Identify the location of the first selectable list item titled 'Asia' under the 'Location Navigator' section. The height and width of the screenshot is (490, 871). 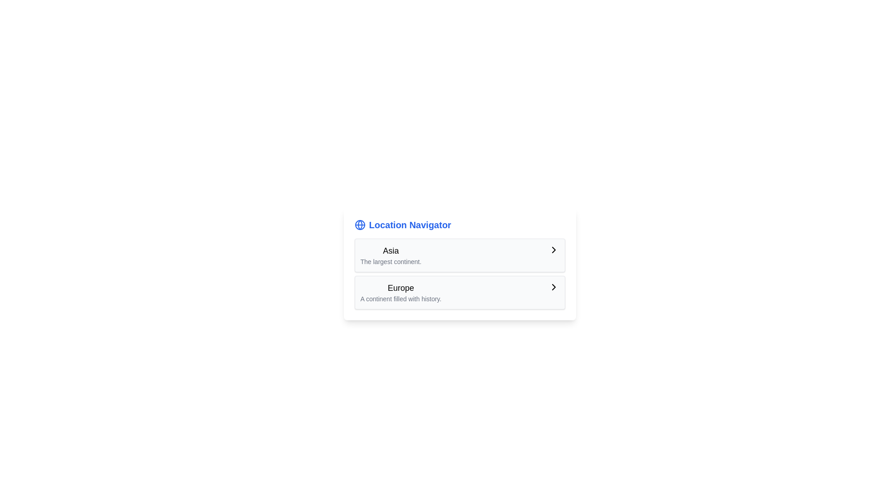
(460, 255).